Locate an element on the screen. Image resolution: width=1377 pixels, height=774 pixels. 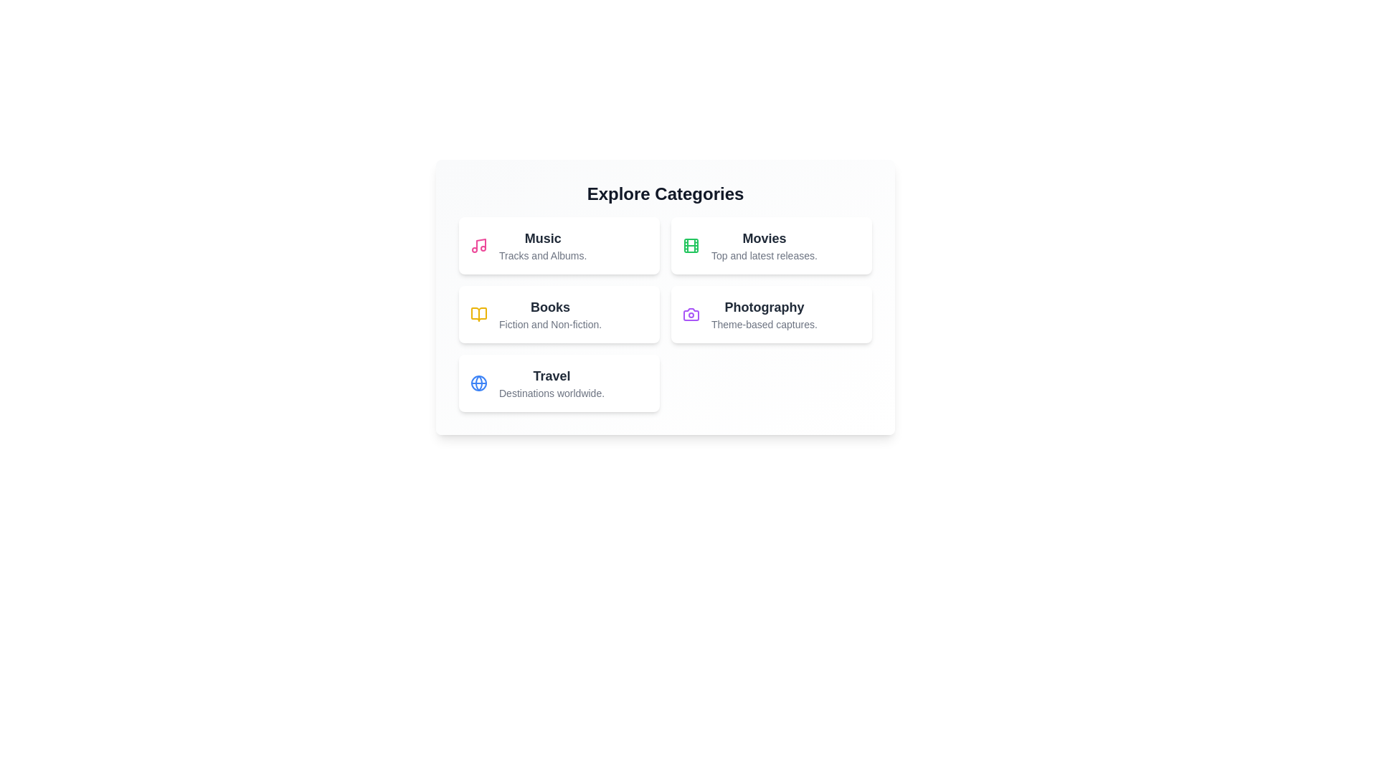
the category card corresponding to Music is located at coordinates (558, 245).